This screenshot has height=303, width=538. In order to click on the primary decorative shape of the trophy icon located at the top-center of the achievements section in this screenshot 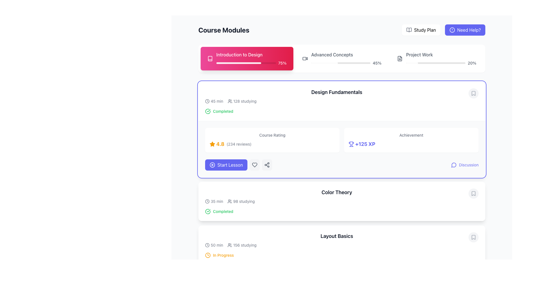, I will do `click(351, 143)`.